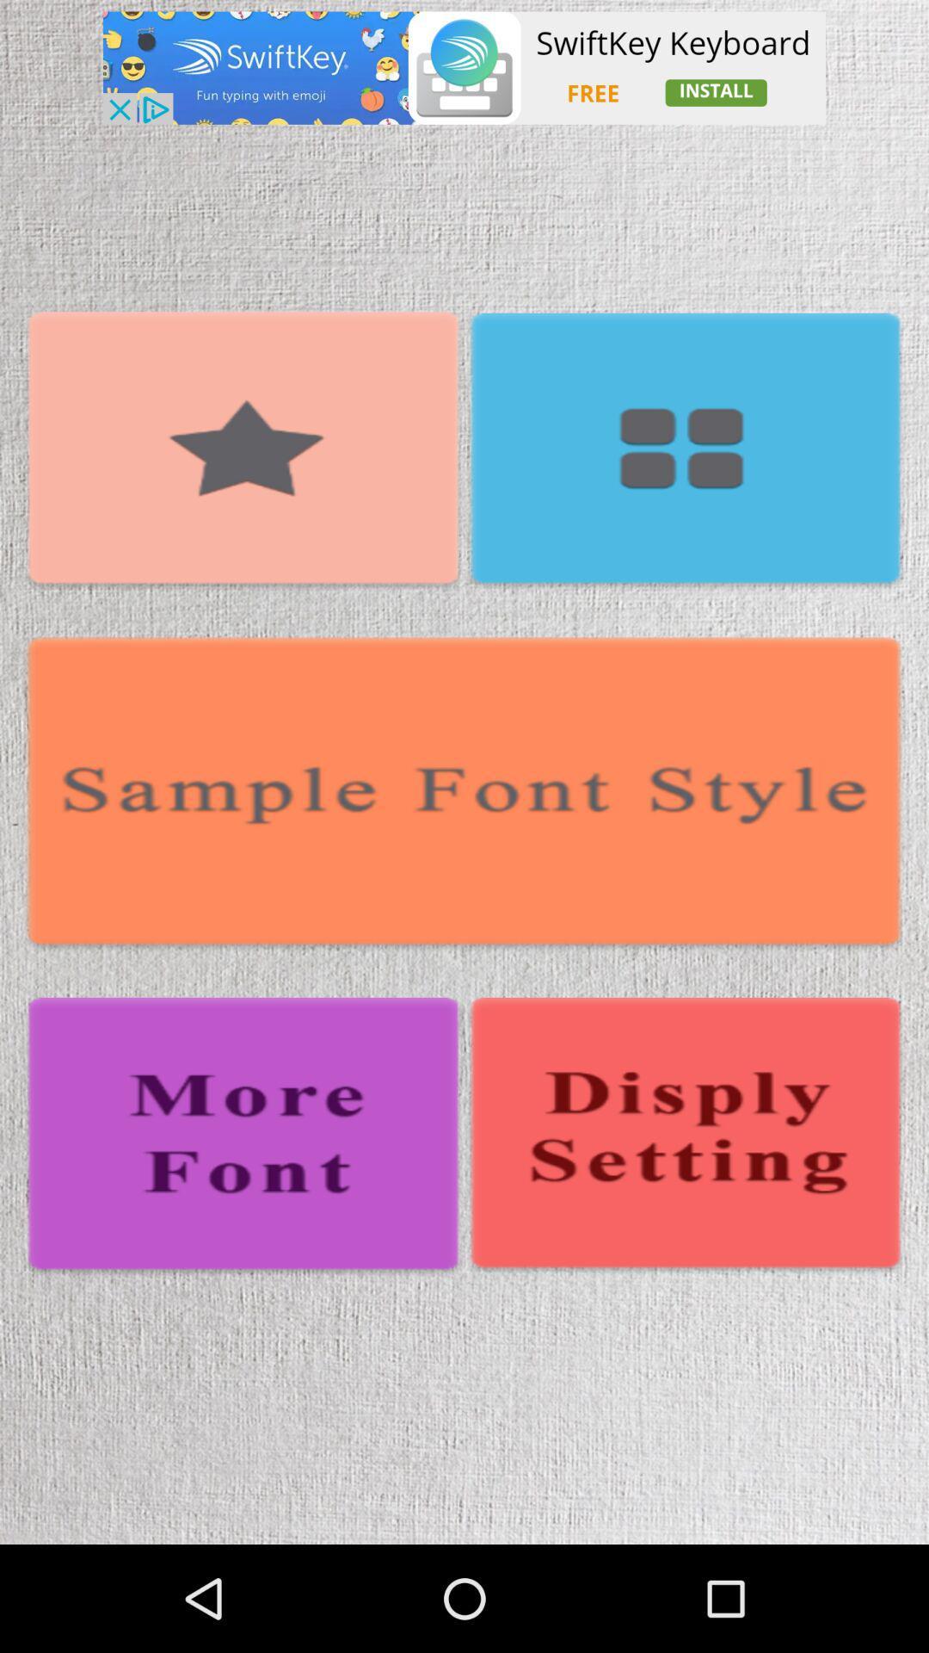 The height and width of the screenshot is (1653, 929). I want to click on more options, so click(684, 452).